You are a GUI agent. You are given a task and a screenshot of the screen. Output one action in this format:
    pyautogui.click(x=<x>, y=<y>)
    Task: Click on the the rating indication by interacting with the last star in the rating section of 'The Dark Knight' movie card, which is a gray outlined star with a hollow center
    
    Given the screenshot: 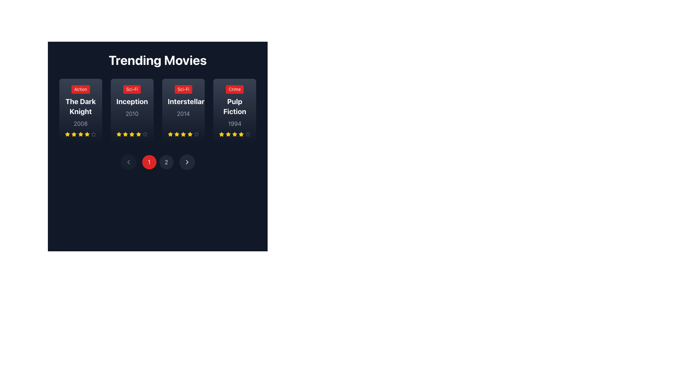 What is the action you would take?
    pyautogui.click(x=93, y=134)
    